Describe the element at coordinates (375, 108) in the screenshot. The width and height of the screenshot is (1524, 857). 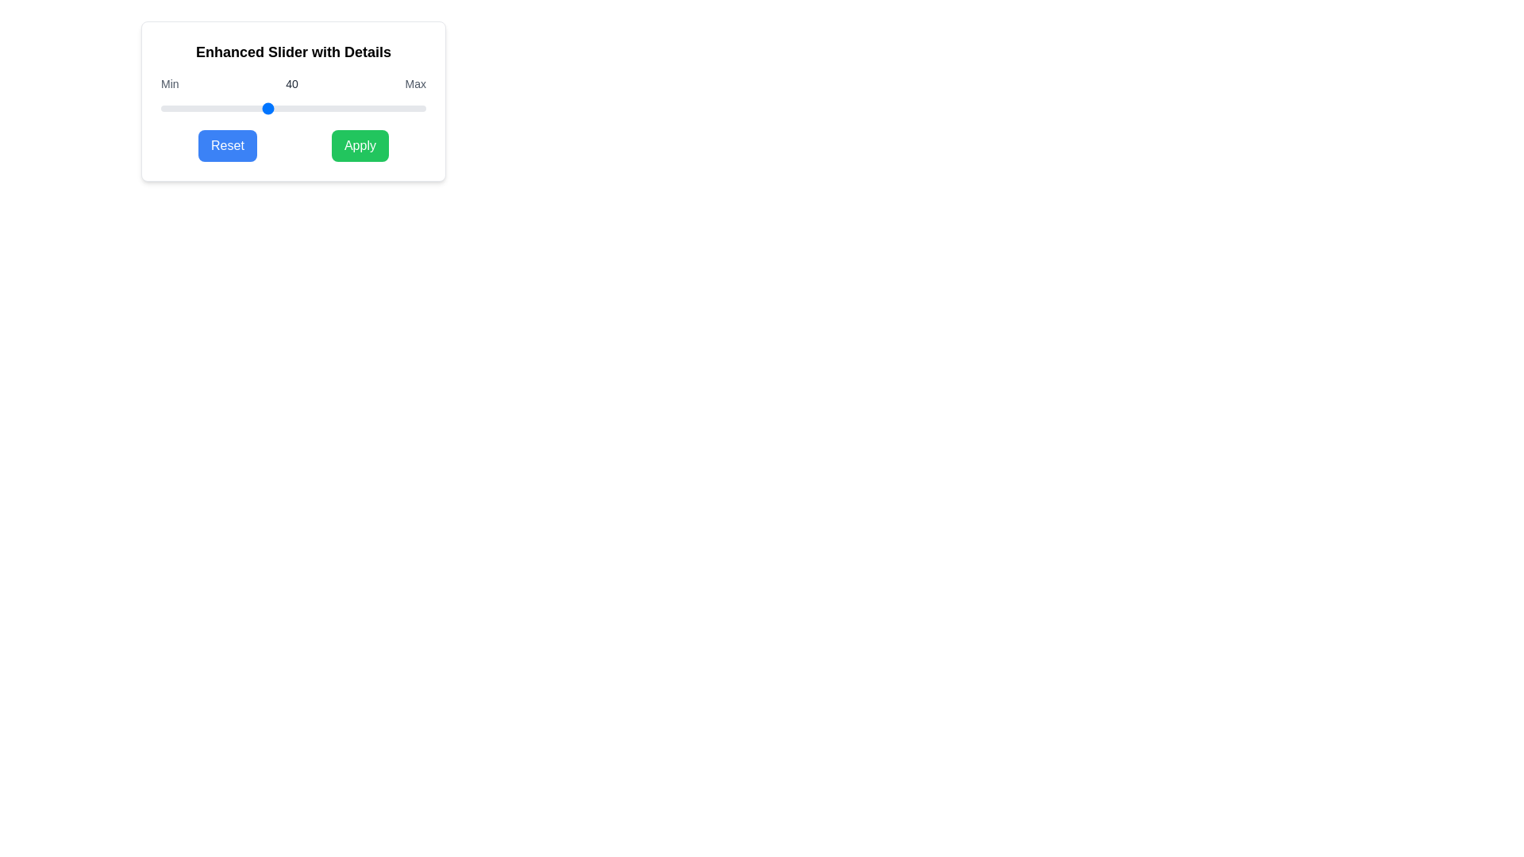
I see `the slider` at that location.